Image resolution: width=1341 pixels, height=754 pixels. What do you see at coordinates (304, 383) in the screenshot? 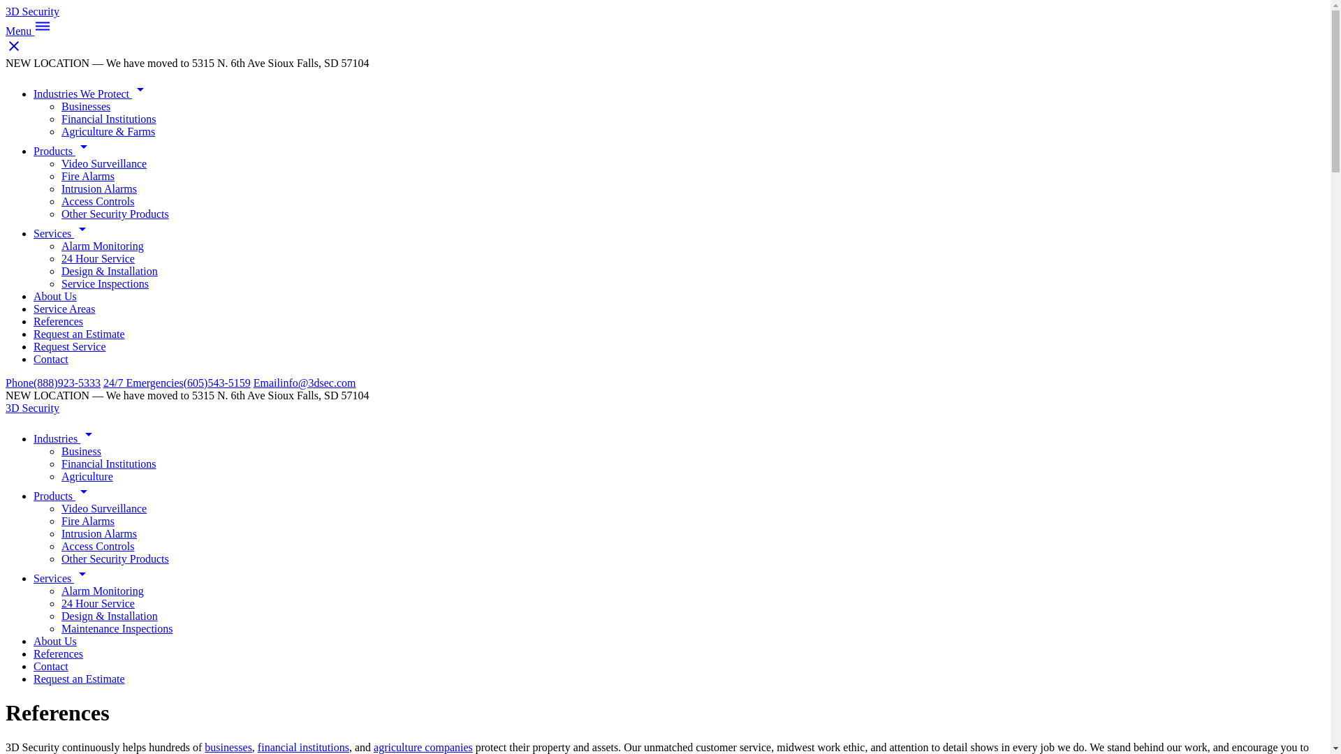
I see `'Emailinfo@3dsec.com'` at bounding box center [304, 383].